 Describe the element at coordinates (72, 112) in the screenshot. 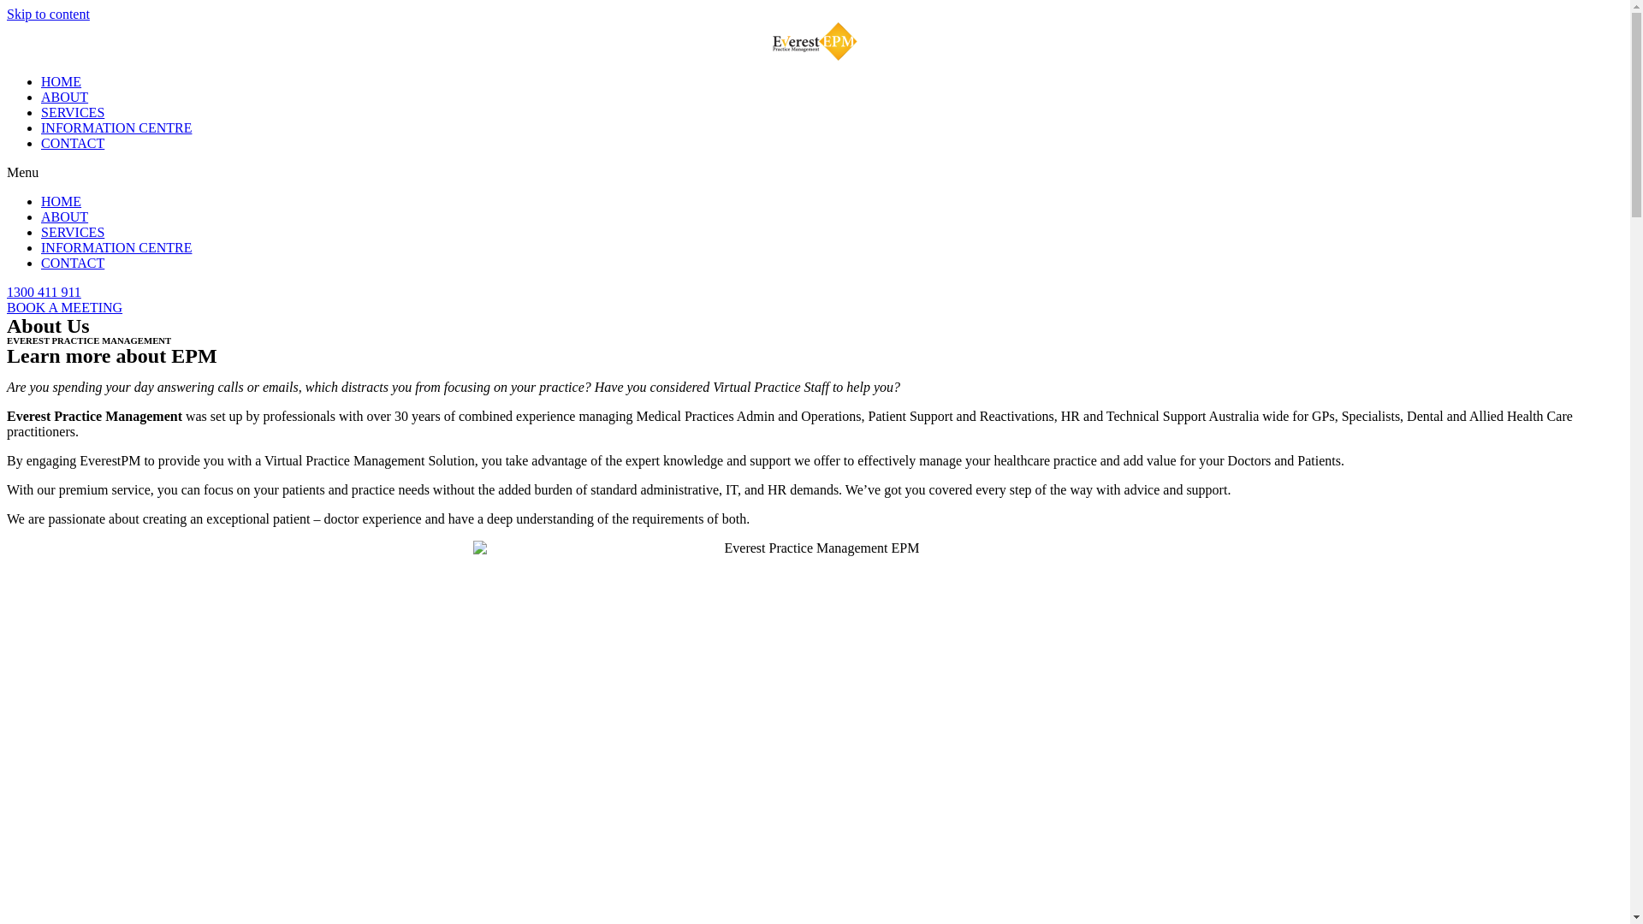

I see `'SERVICES'` at that location.